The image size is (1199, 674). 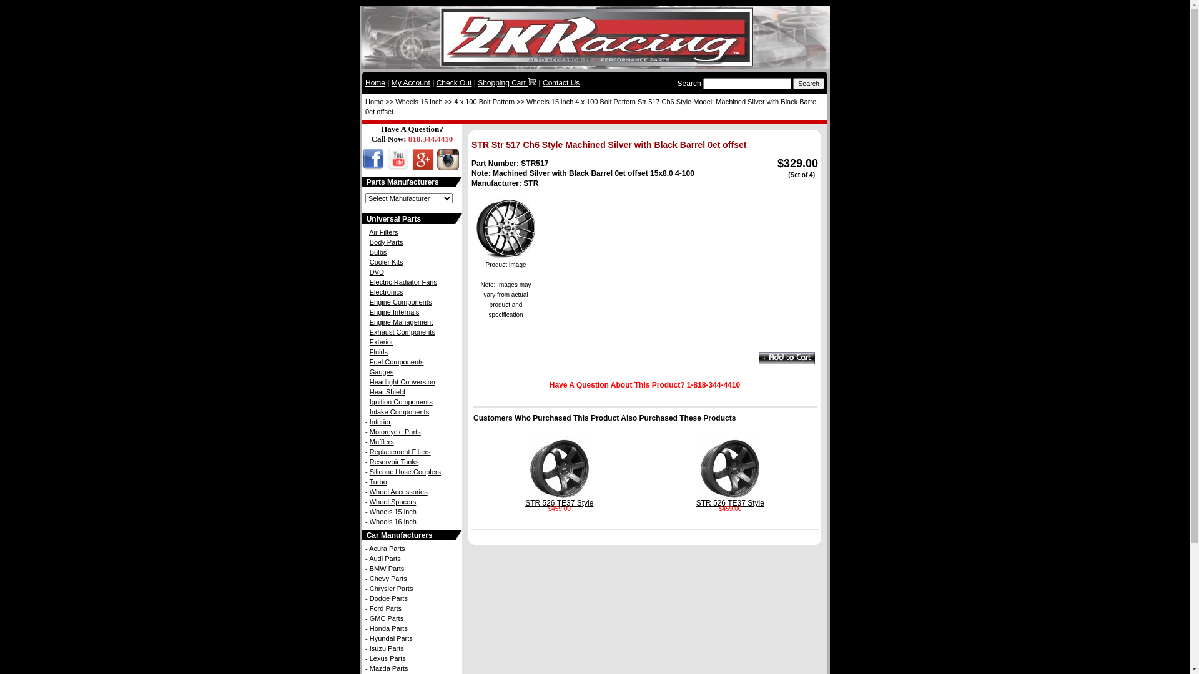 What do you see at coordinates (405, 472) in the screenshot?
I see `'Silicone Hose Couplers'` at bounding box center [405, 472].